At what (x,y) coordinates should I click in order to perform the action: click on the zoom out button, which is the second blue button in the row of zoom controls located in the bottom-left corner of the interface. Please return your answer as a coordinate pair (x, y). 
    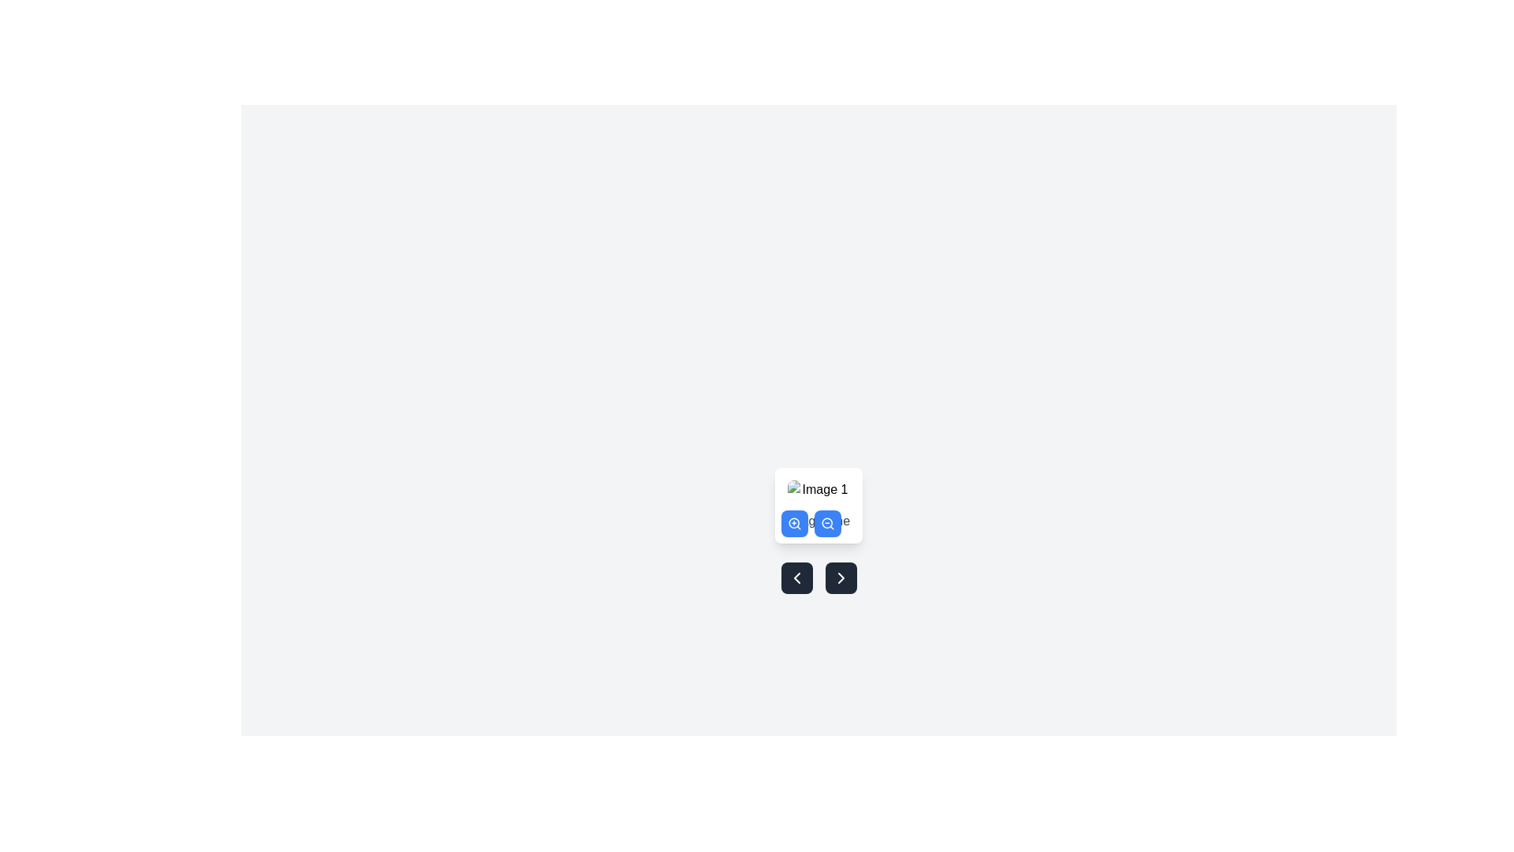
    Looking at the image, I should click on (826, 523).